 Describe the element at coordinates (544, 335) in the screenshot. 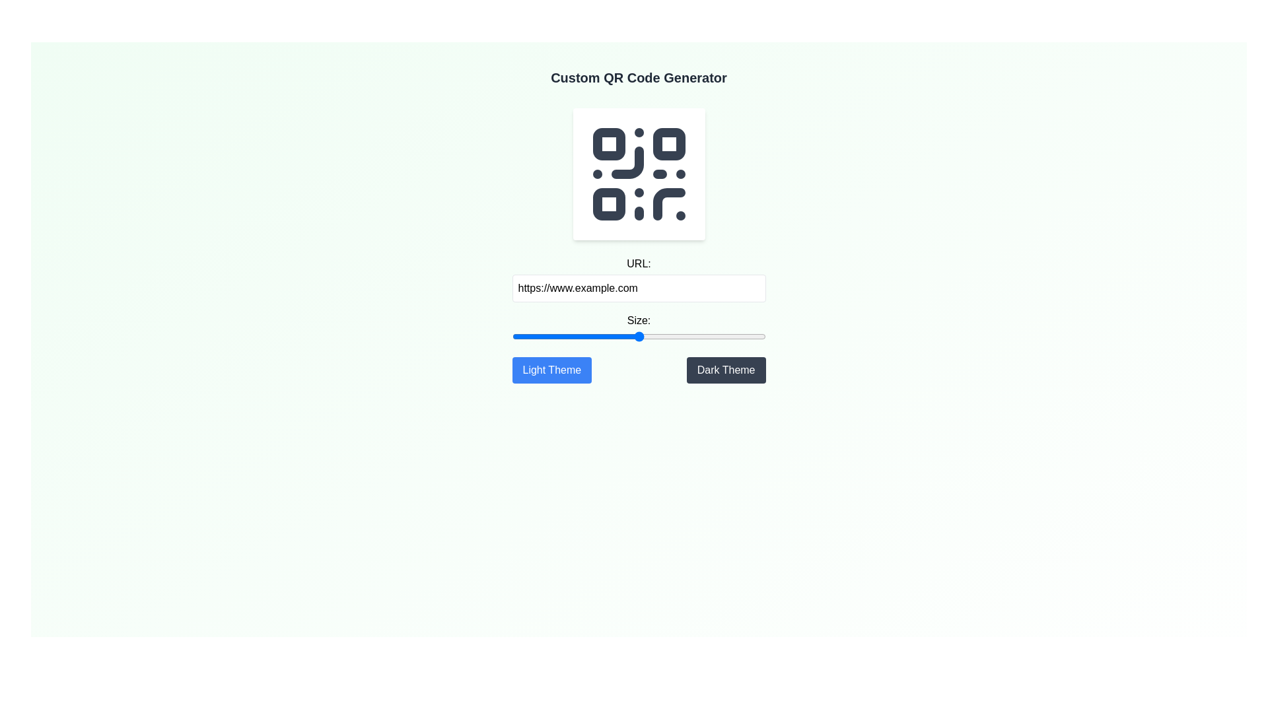

I see `the slider` at that location.